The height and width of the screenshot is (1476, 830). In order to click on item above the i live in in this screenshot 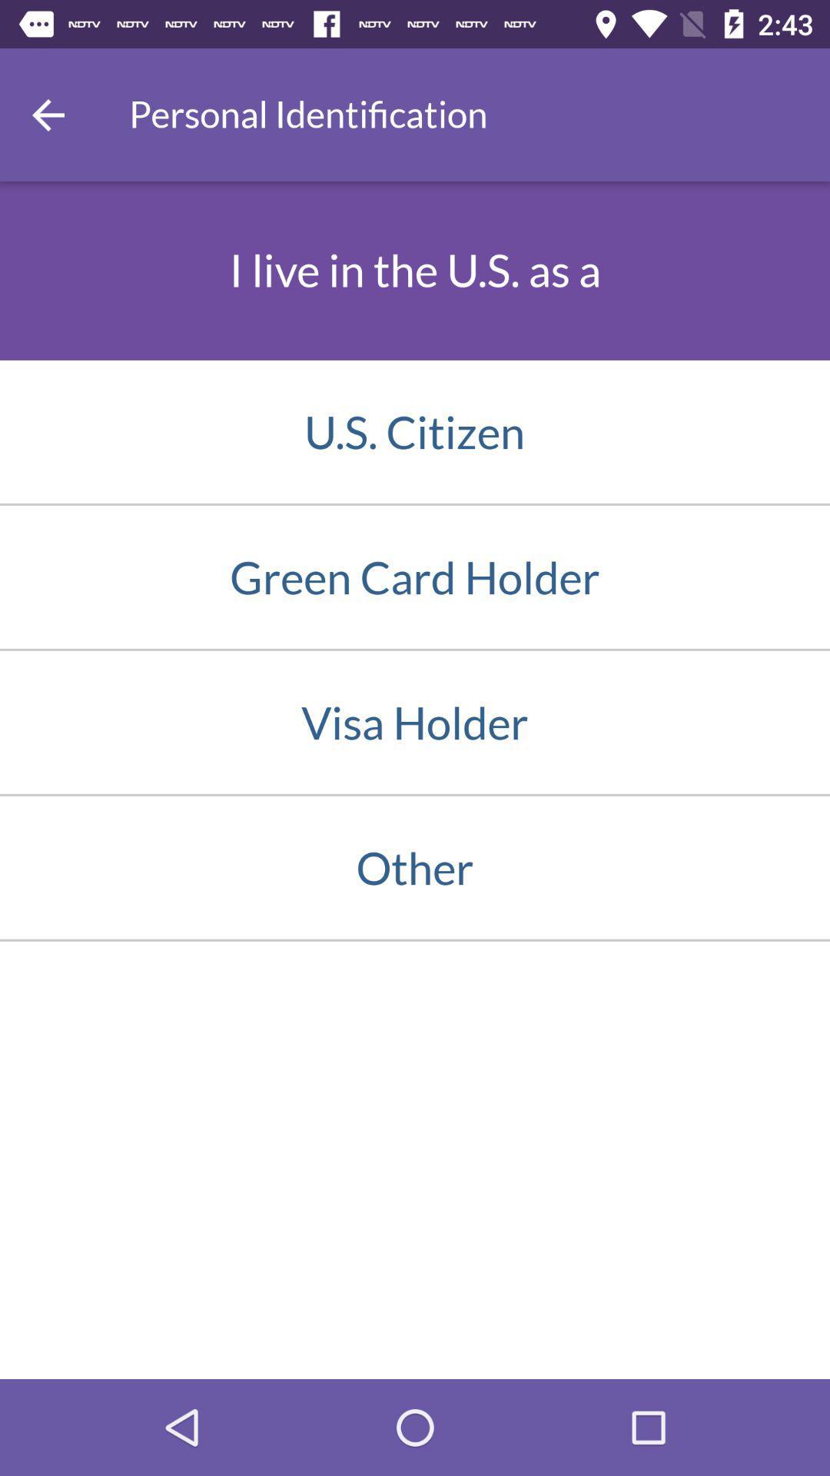, I will do `click(47, 114)`.